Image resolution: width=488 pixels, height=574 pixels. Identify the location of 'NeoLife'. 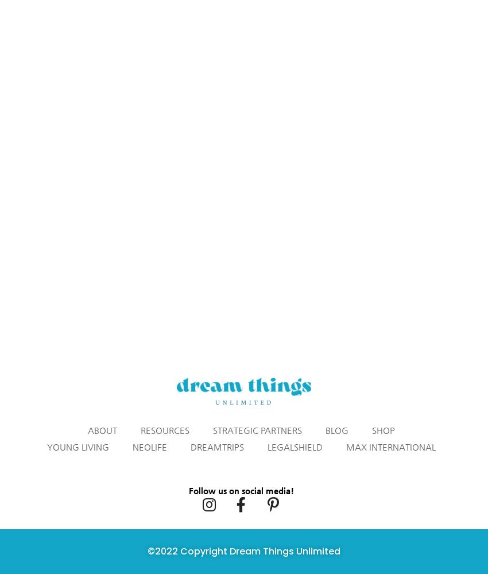
(149, 447).